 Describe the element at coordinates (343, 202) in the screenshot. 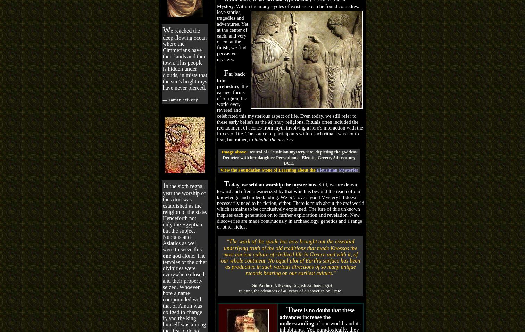

I see `'real'` at that location.